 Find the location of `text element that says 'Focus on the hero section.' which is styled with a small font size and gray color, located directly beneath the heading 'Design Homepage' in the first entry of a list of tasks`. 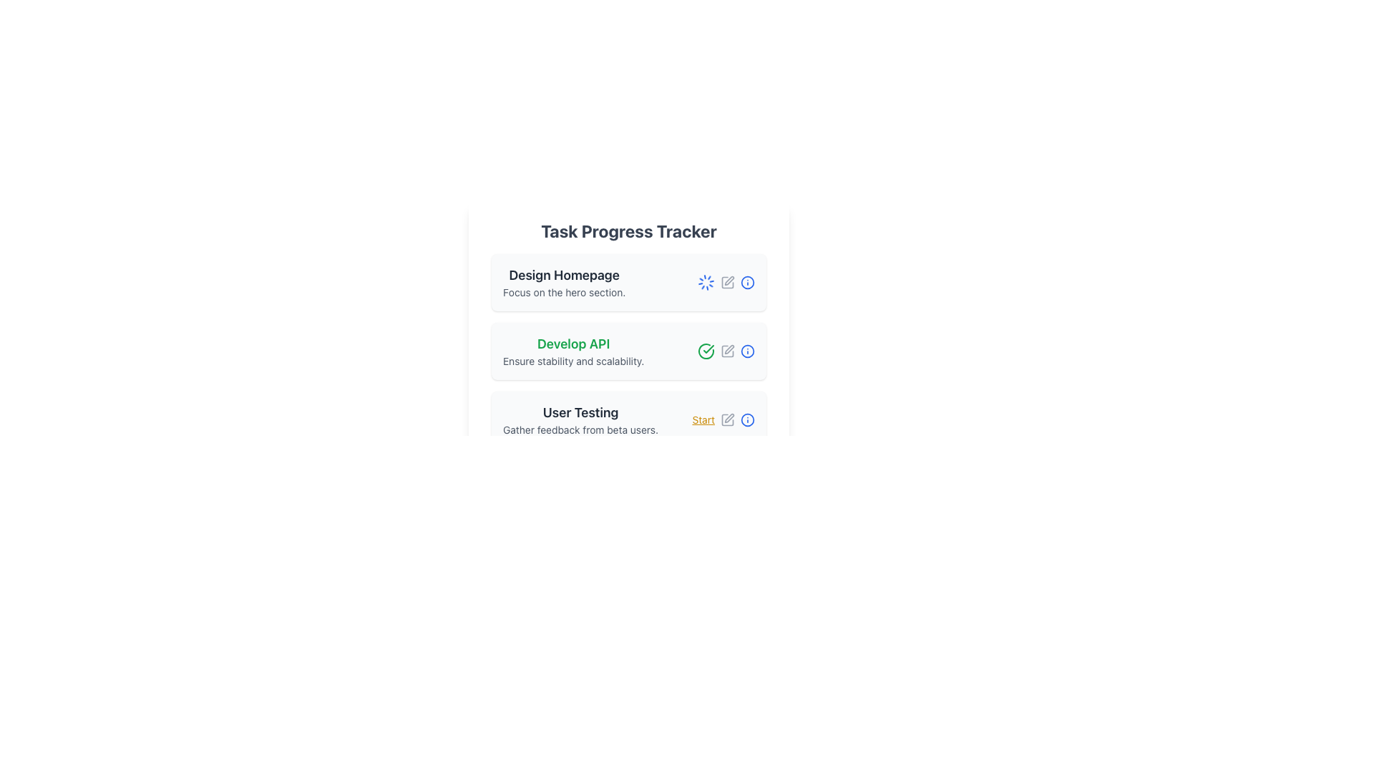

text element that says 'Focus on the hero section.' which is styled with a small font size and gray color, located directly beneath the heading 'Design Homepage' in the first entry of a list of tasks is located at coordinates (563, 291).